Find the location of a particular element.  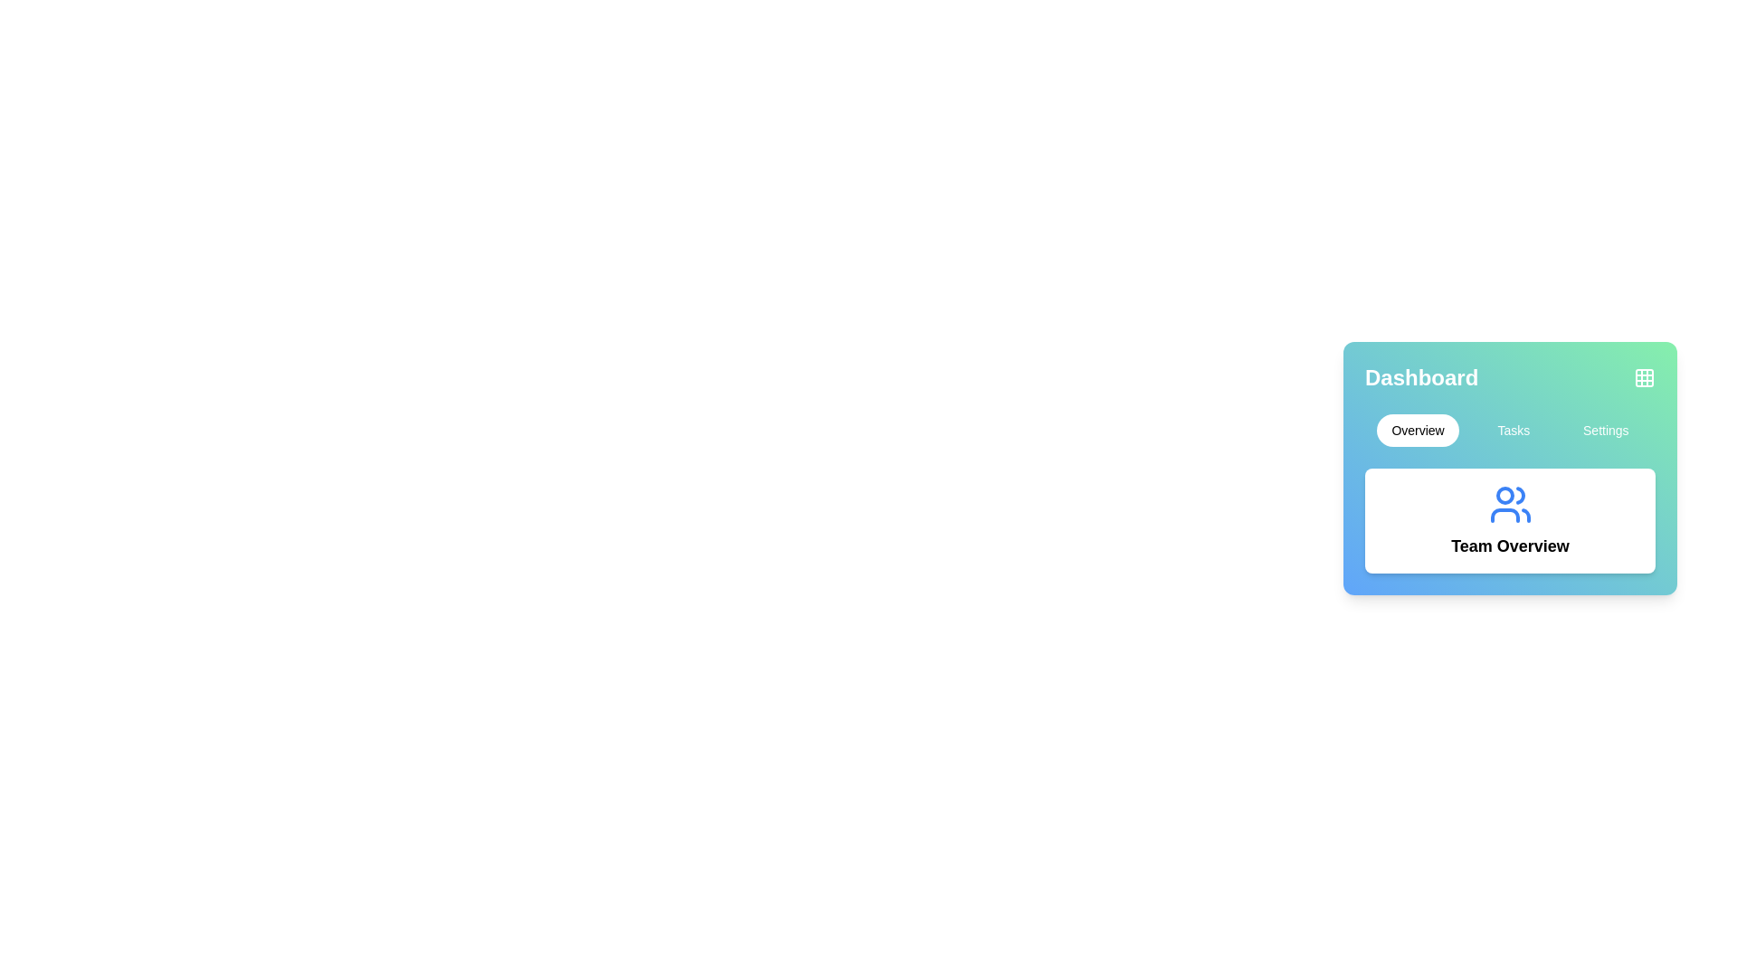

the 'Team Overview' text label, which is bold, black, and centered below a group icon within a white rectangular card on the dashboard panel is located at coordinates (1510, 545).